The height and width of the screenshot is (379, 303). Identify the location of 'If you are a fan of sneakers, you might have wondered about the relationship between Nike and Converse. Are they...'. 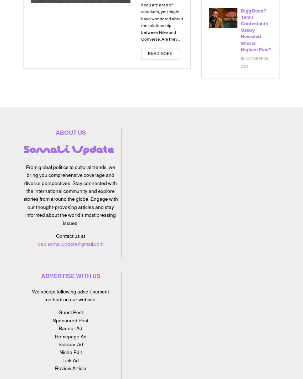
(162, 22).